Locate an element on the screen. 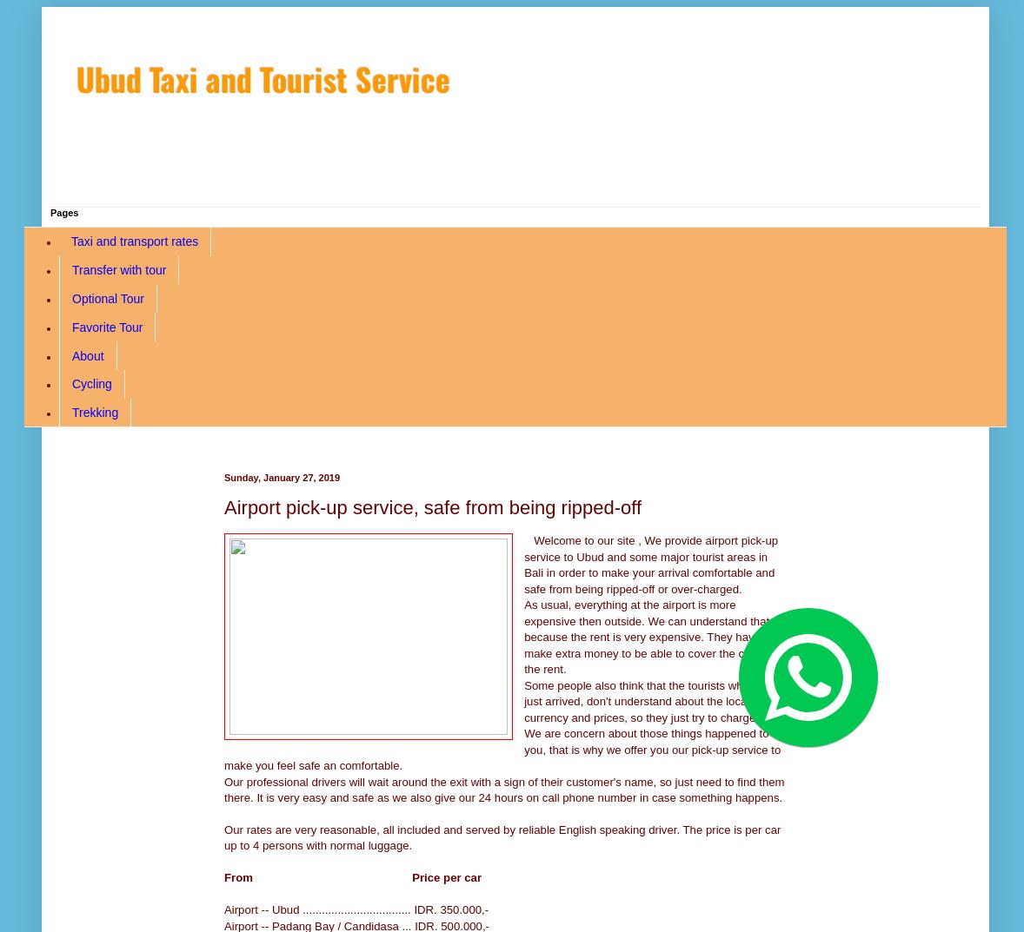  'Favorite Tour' is located at coordinates (106, 325).